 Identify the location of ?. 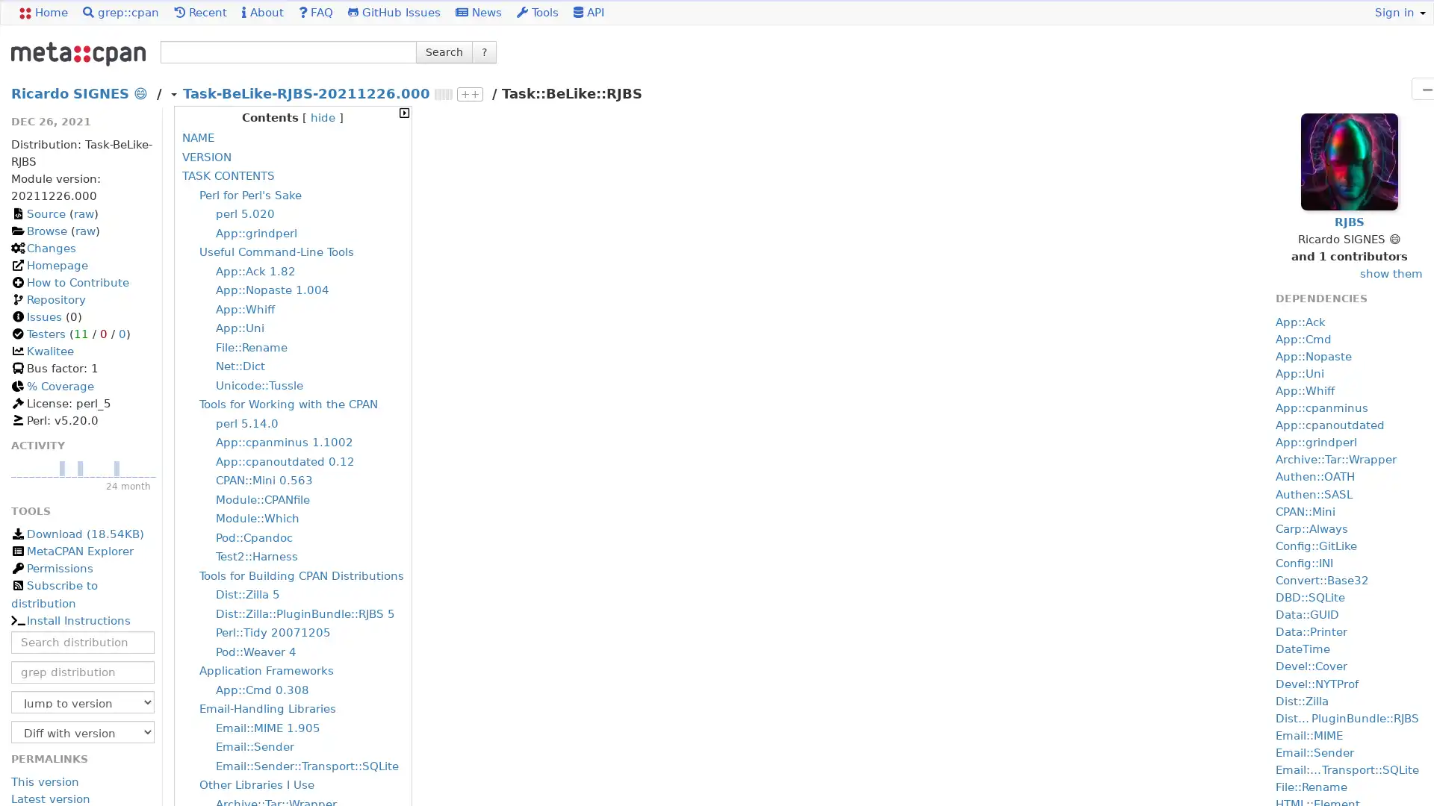
(484, 51).